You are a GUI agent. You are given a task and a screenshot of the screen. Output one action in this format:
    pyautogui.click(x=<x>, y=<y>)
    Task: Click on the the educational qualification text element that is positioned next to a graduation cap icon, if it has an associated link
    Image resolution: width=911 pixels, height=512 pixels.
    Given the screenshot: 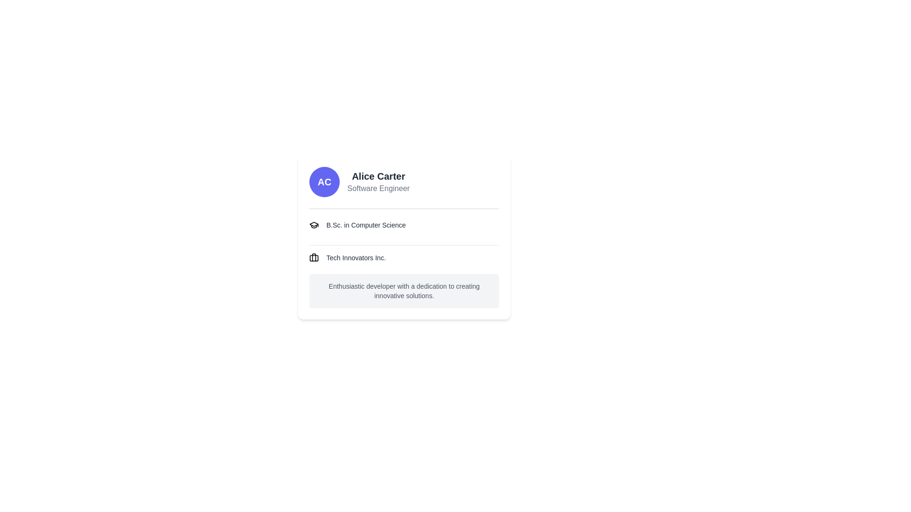 What is the action you would take?
    pyautogui.click(x=365, y=225)
    